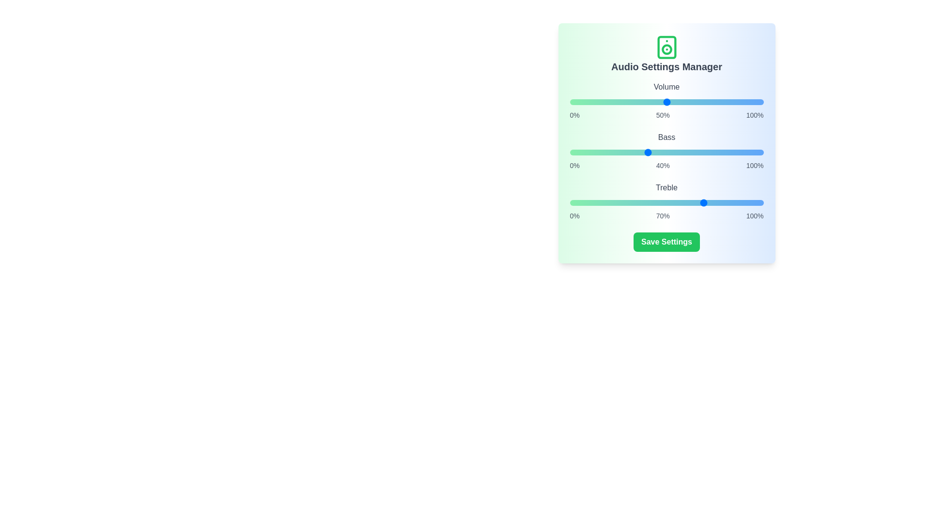 The height and width of the screenshot is (523, 930). I want to click on the volume slider to 23%, so click(614, 102).